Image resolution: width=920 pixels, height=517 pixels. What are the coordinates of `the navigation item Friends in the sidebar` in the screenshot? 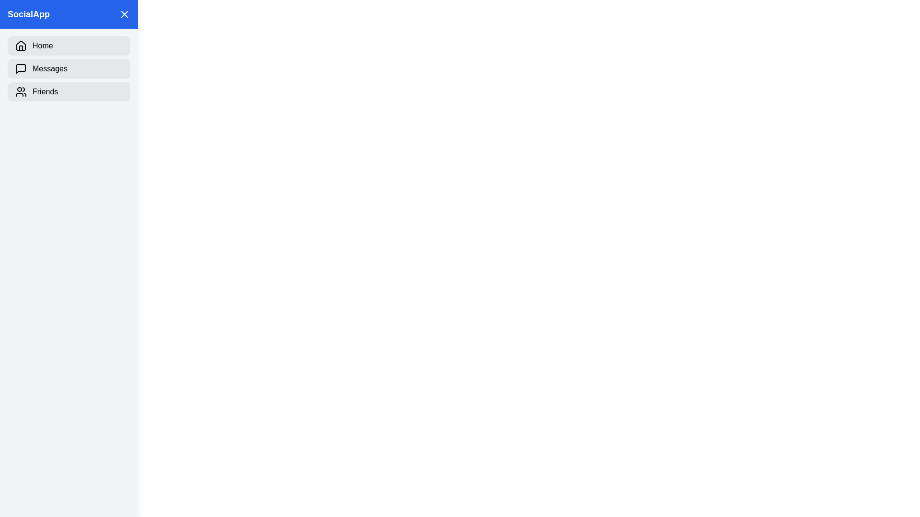 It's located at (69, 92).